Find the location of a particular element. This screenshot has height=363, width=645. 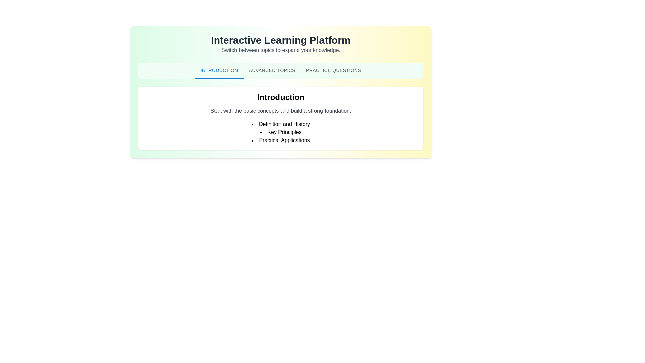

the 'Practice Questions' tab is located at coordinates (334, 70).